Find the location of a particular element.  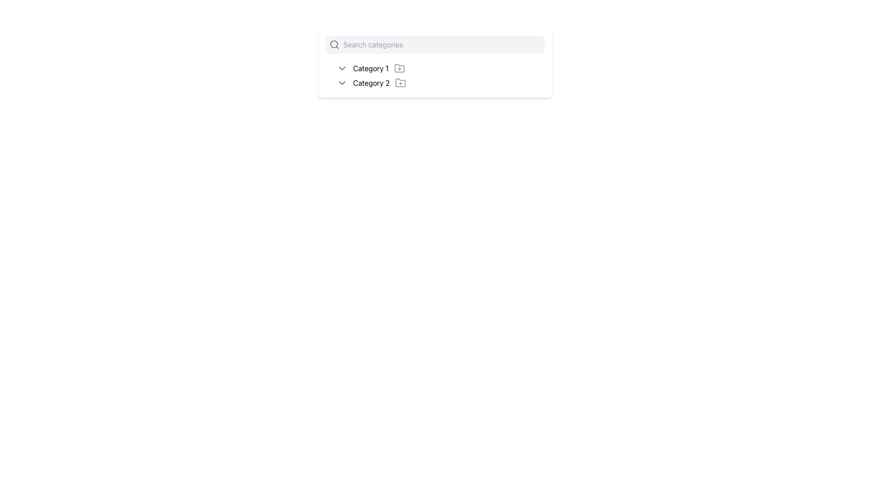

the text label reading 'Category 1' within the dropdown menu under 'Search categories' is located at coordinates (370, 68).